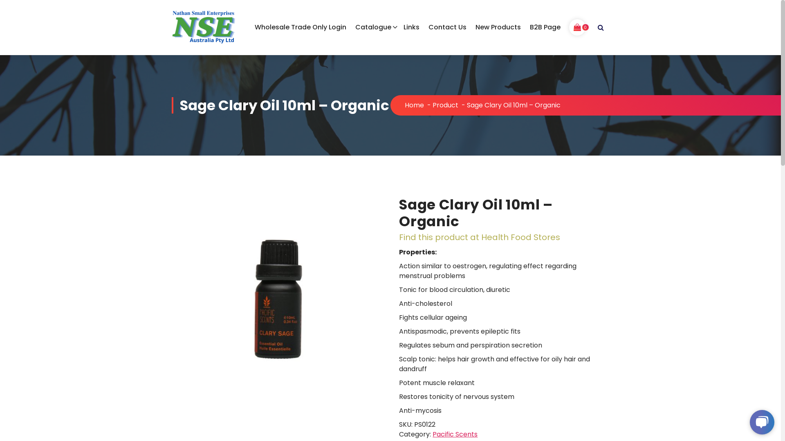 The width and height of the screenshot is (785, 441). Describe the element at coordinates (576, 27) in the screenshot. I see `'0'` at that location.